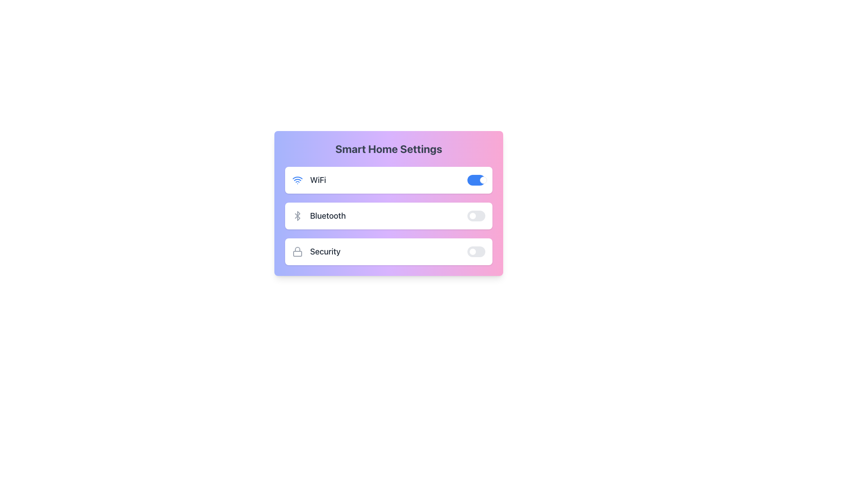 The height and width of the screenshot is (483, 858). What do you see at coordinates (475, 180) in the screenshot?
I see `the WiFi toggle switch located in the top row of the 'Smart Home Settings' panel, positioned to the right of the text 'WiFi'` at bounding box center [475, 180].